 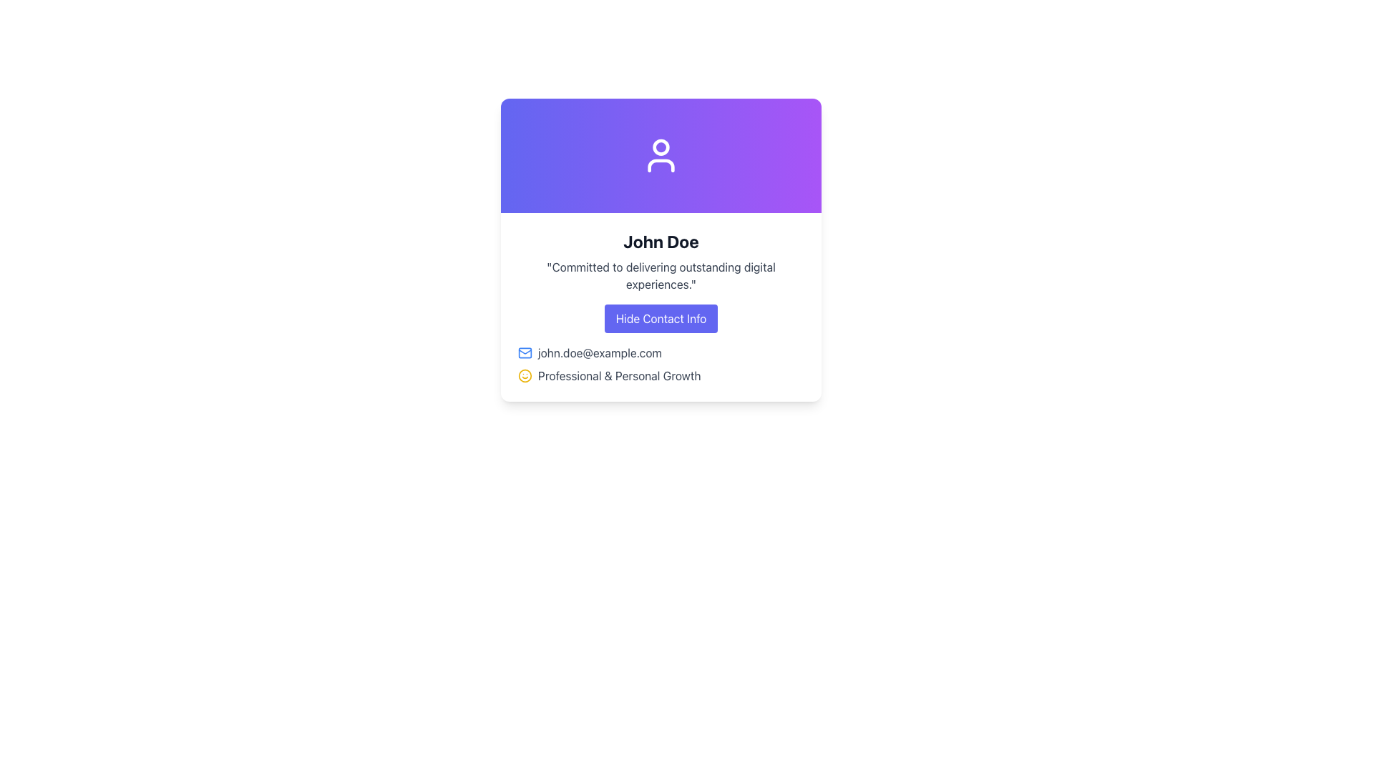 What do you see at coordinates (661, 306) in the screenshot?
I see `descriptive information within the Content Card Section that includes the title 'John Doe', descriptive text, and slogan` at bounding box center [661, 306].